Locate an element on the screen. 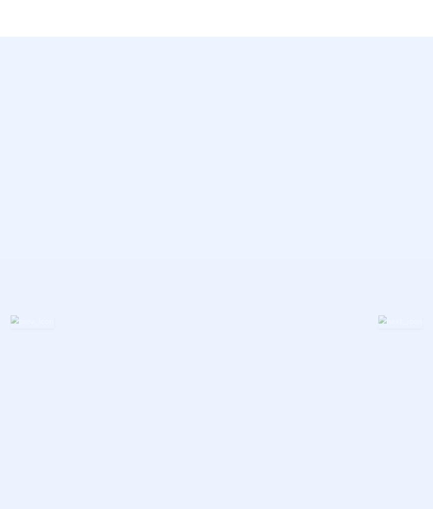 This screenshot has width=433, height=509. 'Toppers Talk' is located at coordinates (262, 269).